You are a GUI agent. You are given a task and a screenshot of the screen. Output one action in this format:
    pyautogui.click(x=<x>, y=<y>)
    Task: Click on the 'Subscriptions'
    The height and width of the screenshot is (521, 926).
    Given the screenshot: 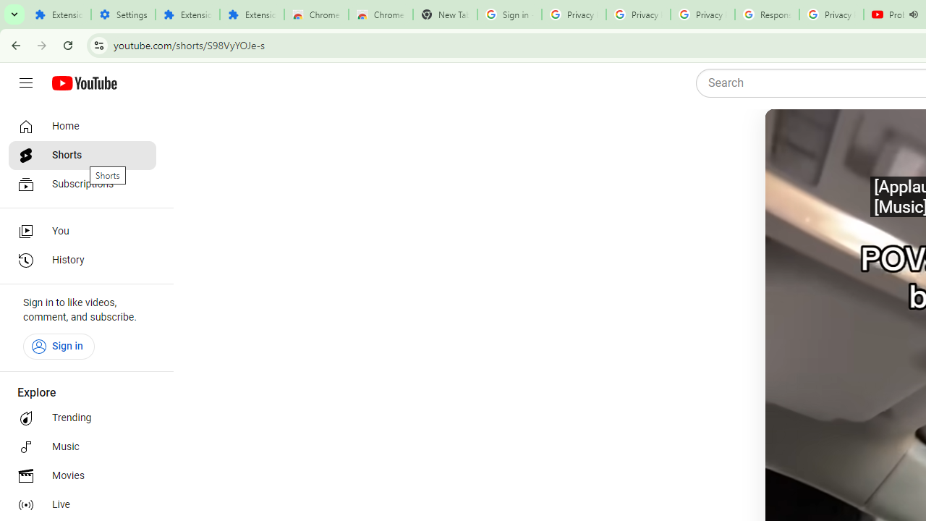 What is the action you would take?
    pyautogui.click(x=81, y=183)
    